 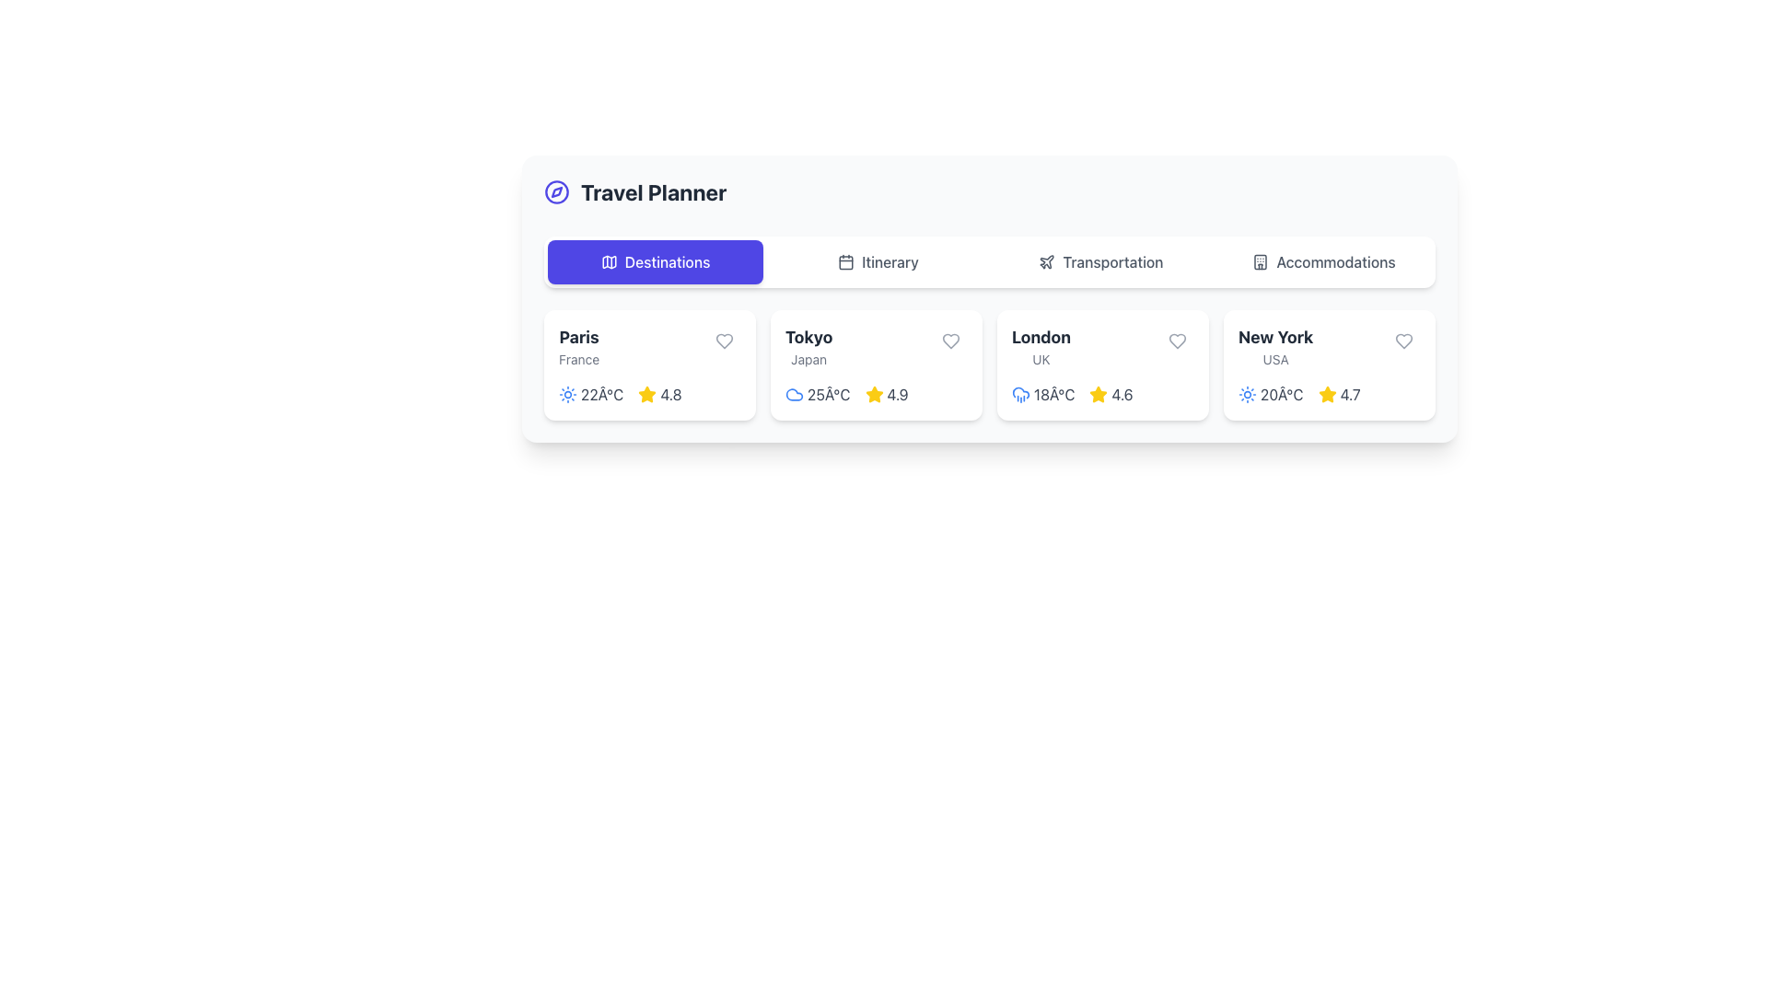 What do you see at coordinates (873, 393) in the screenshot?
I see `the star icon in the 'Tokyo' card` at bounding box center [873, 393].